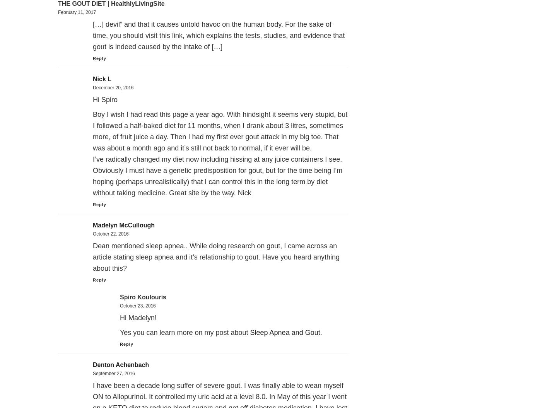 The image size is (557, 408). Describe the element at coordinates (121, 365) in the screenshot. I see `'Denton Achenbach'` at that location.